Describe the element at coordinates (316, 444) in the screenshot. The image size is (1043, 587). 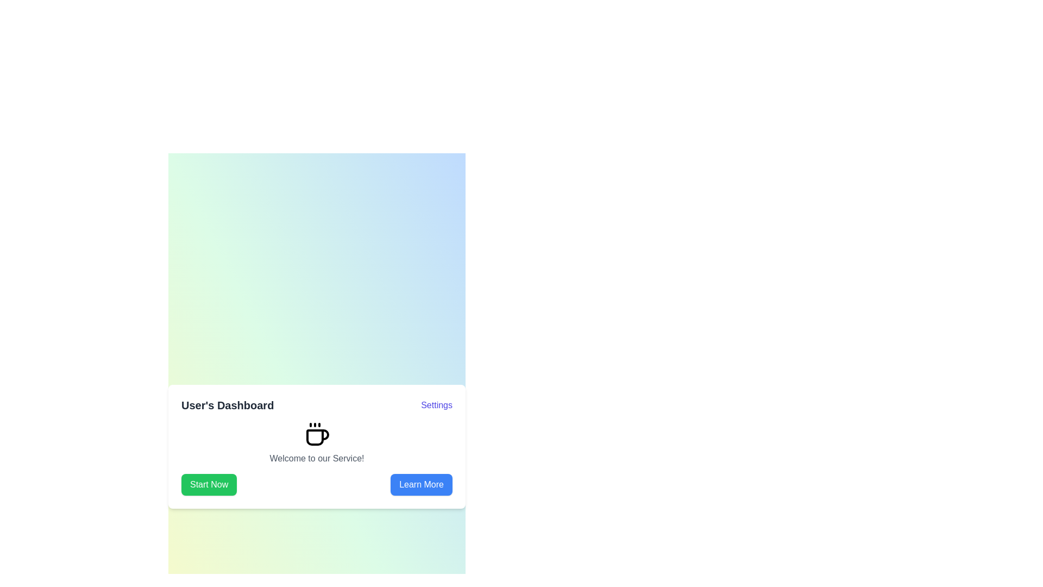
I see `the informational visual-textual component featuring a cup illustration and the text 'Welcome to our Service!'` at that location.